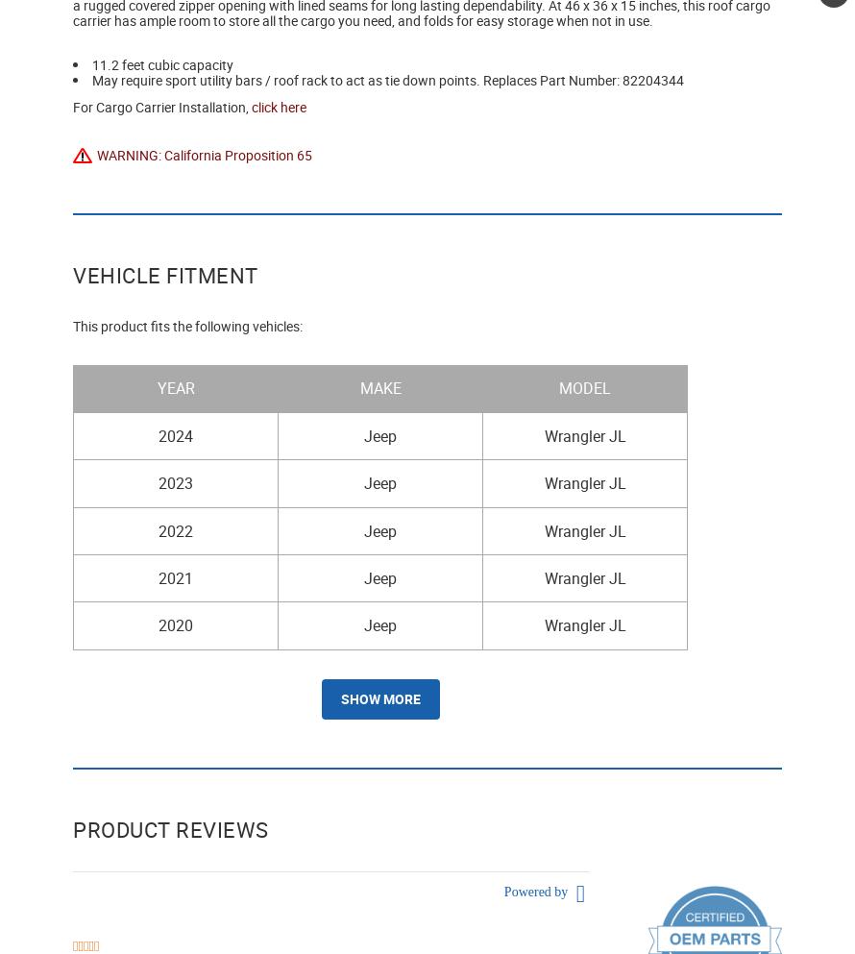 The width and height of the screenshot is (855, 954). I want to click on '2024', so click(175, 435).